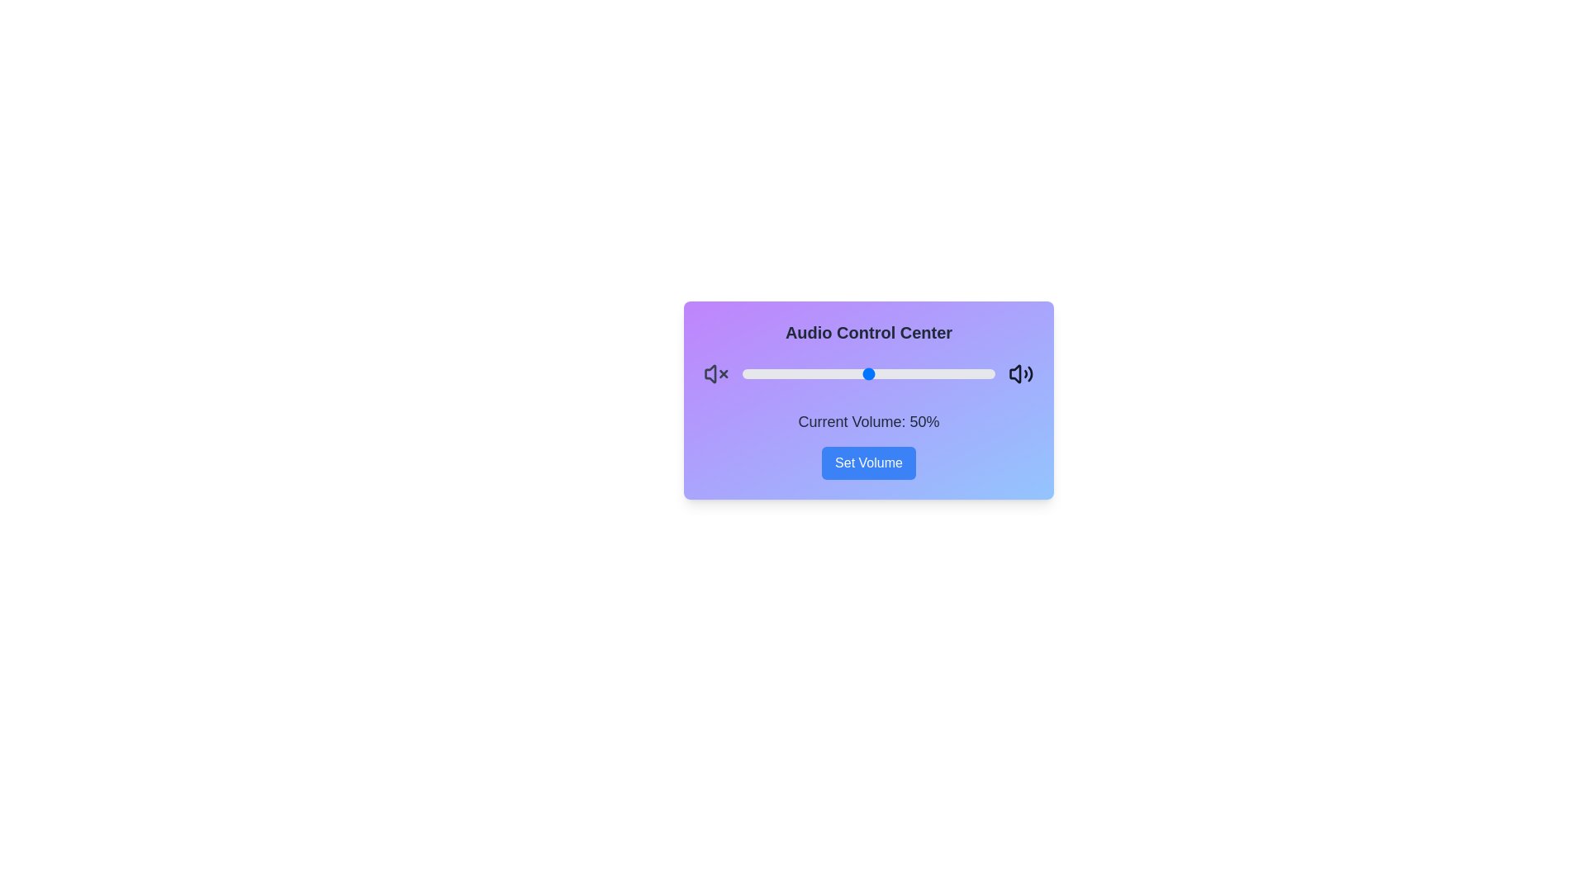  What do you see at coordinates (793, 373) in the screenshot?
I see `the volume slider to set the volume to 20%` at bounding box center [793, 373].